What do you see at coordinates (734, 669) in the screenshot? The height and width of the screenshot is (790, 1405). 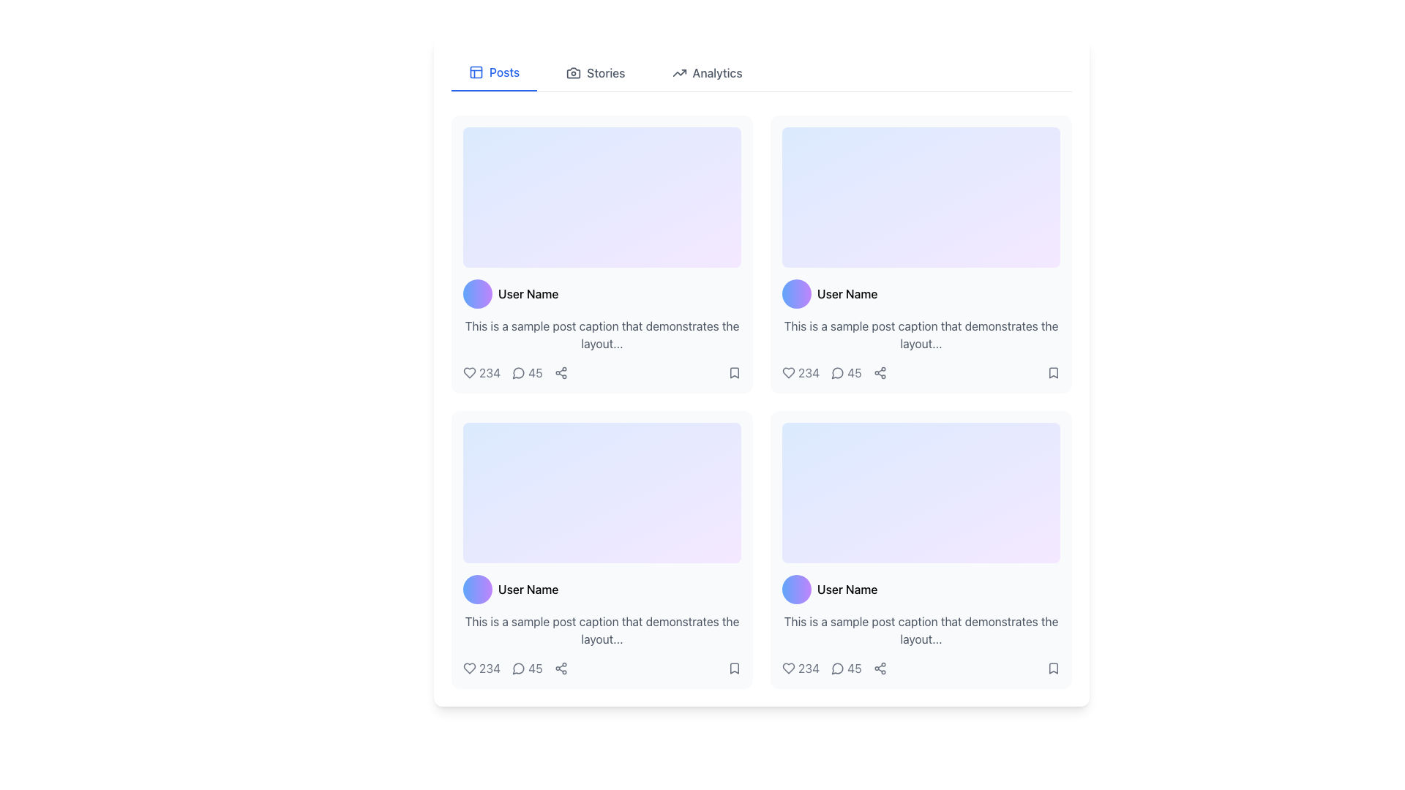 I see `the bookmark-like icon located in the bottom-right corner of the lower-right card` at bounding box center [734, 669].